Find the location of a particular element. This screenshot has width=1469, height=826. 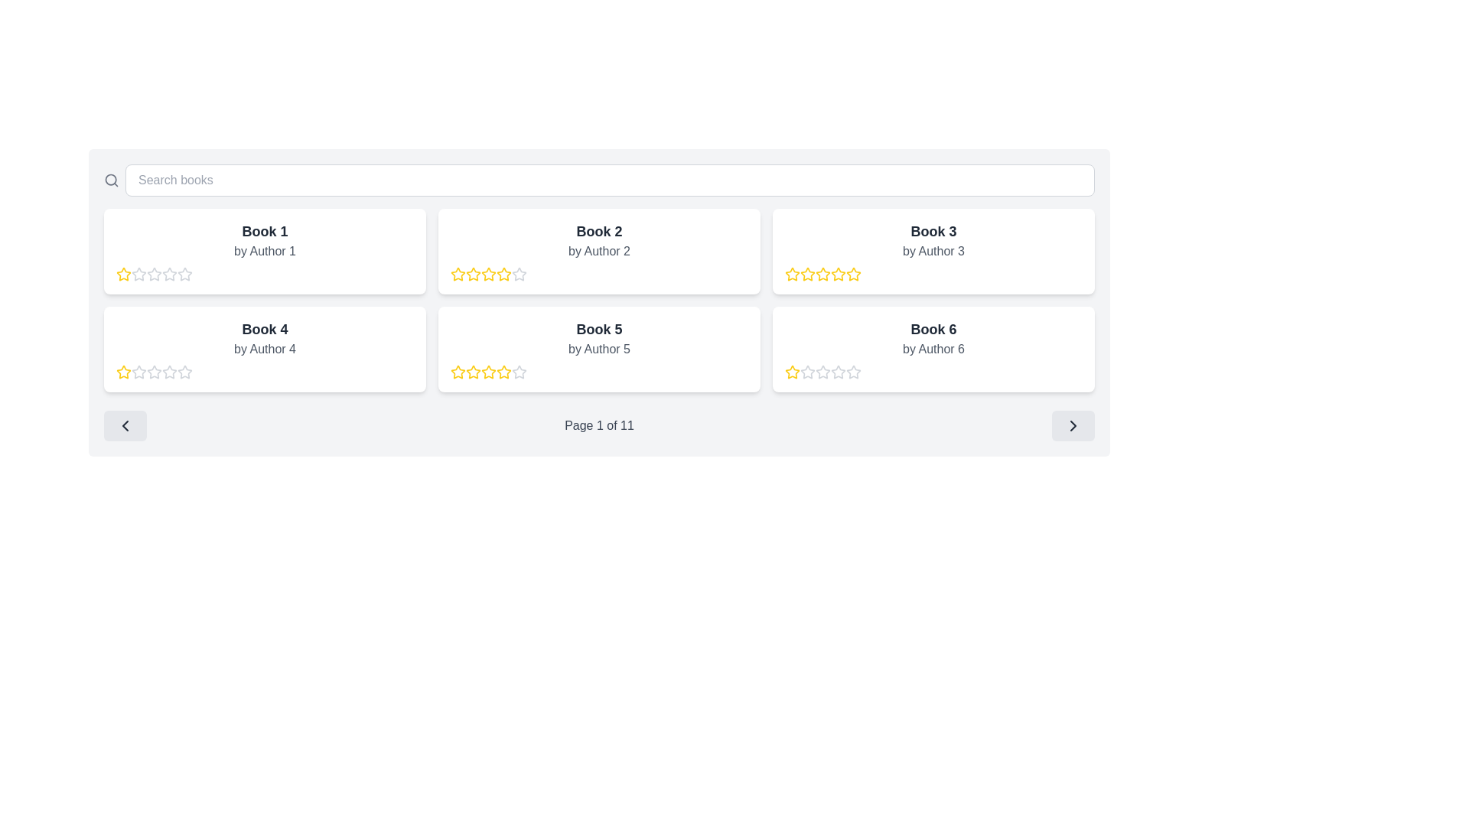

the left-pointing chevron icon located in the bottom-left corner of the main content area is located at coordinates (125, 425).